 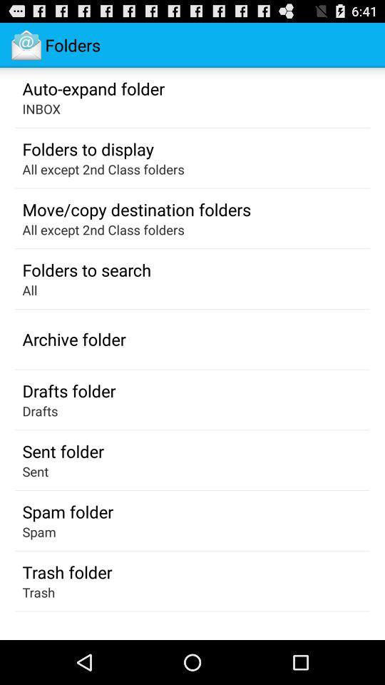 What do you see at coordinates (68, 390) in the screenshot?
I see `icon below the archive folder app` at bounding box center [68, 390].